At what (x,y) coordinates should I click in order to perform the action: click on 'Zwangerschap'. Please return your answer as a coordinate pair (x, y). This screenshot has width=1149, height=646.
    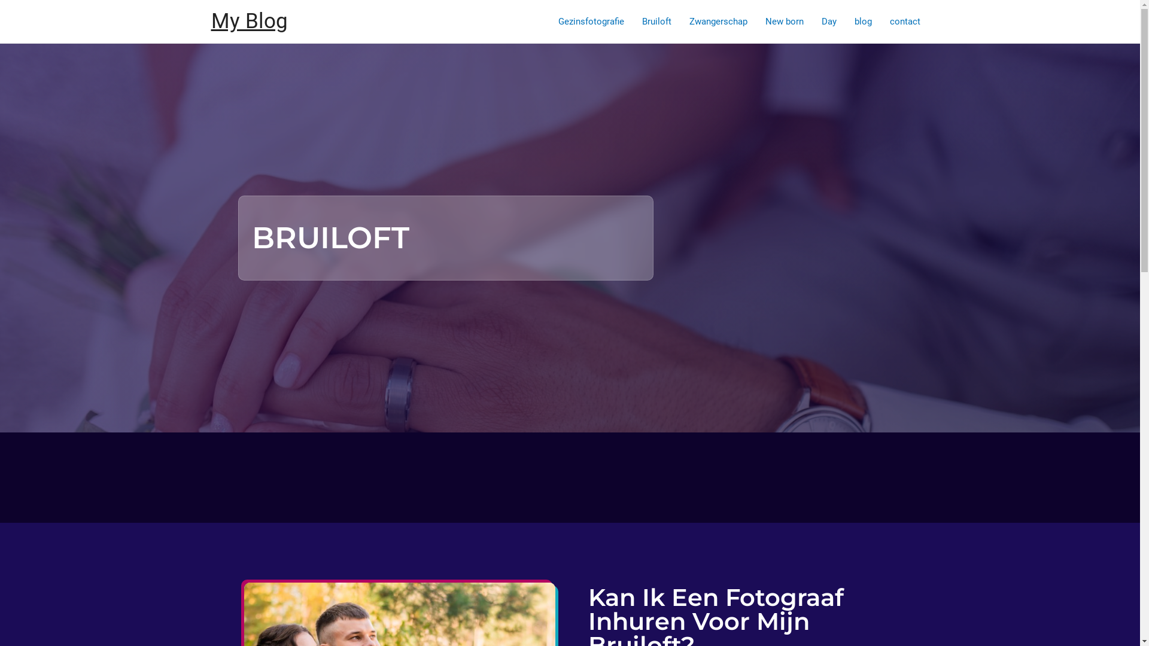
    Looking at the image, I should click on (718, 21).